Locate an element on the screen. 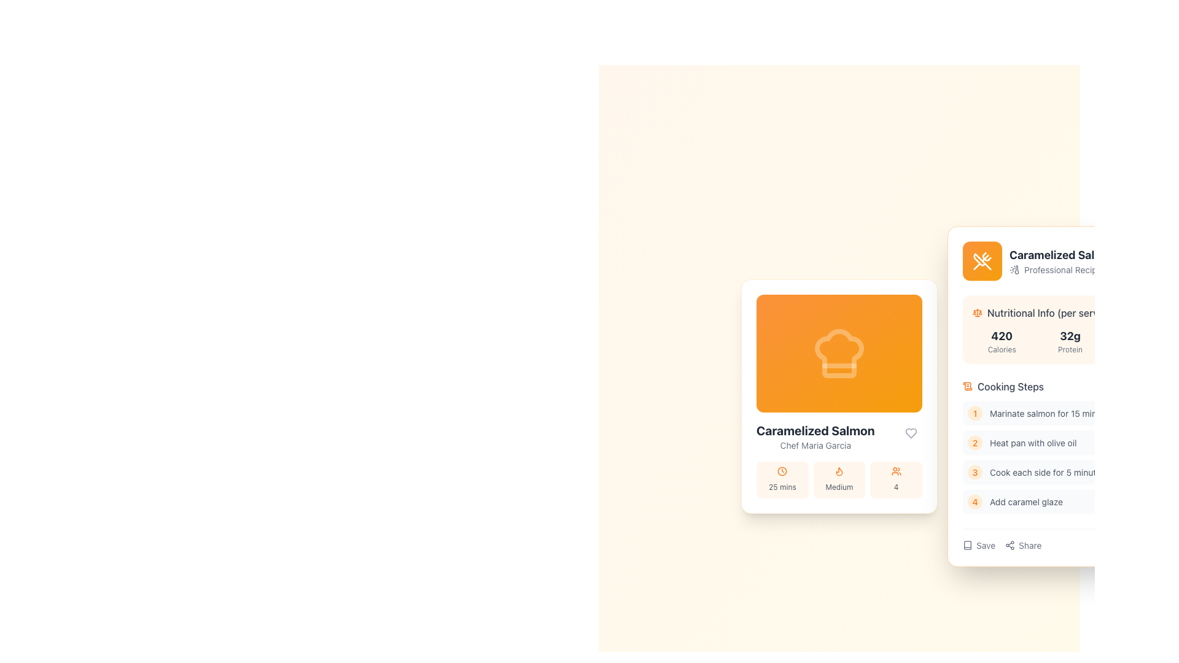  the text label that indicates the nutritional metric for calories, located directly below the '420' value in the nutritional information section is located at coordinates (1002, 349).